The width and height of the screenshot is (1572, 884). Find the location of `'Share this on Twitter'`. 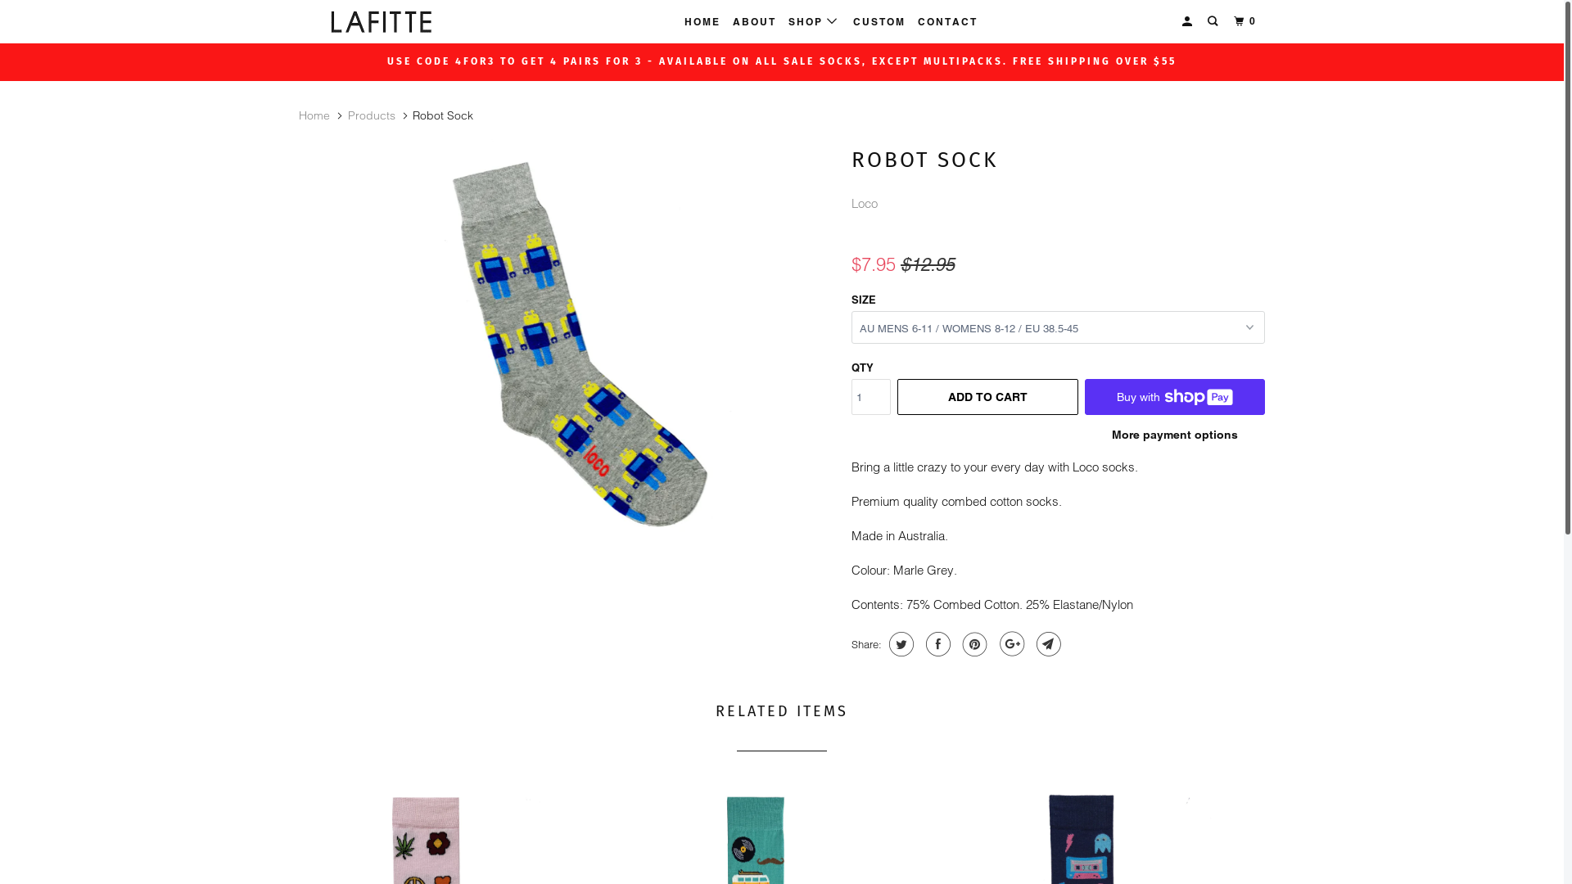

'Share this on Twitter' is located at coordinates (883, 643).